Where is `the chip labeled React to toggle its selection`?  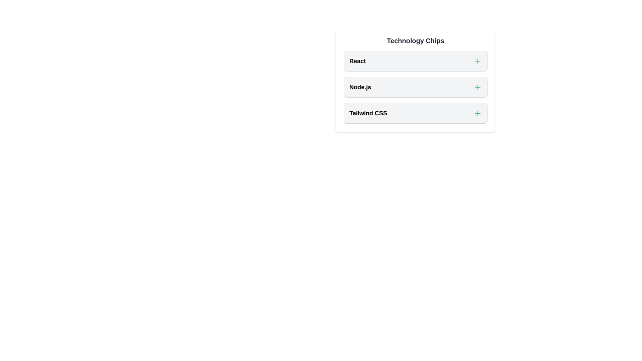 the chip labeled React to toggle its selection is located at coordinates (415, 61).